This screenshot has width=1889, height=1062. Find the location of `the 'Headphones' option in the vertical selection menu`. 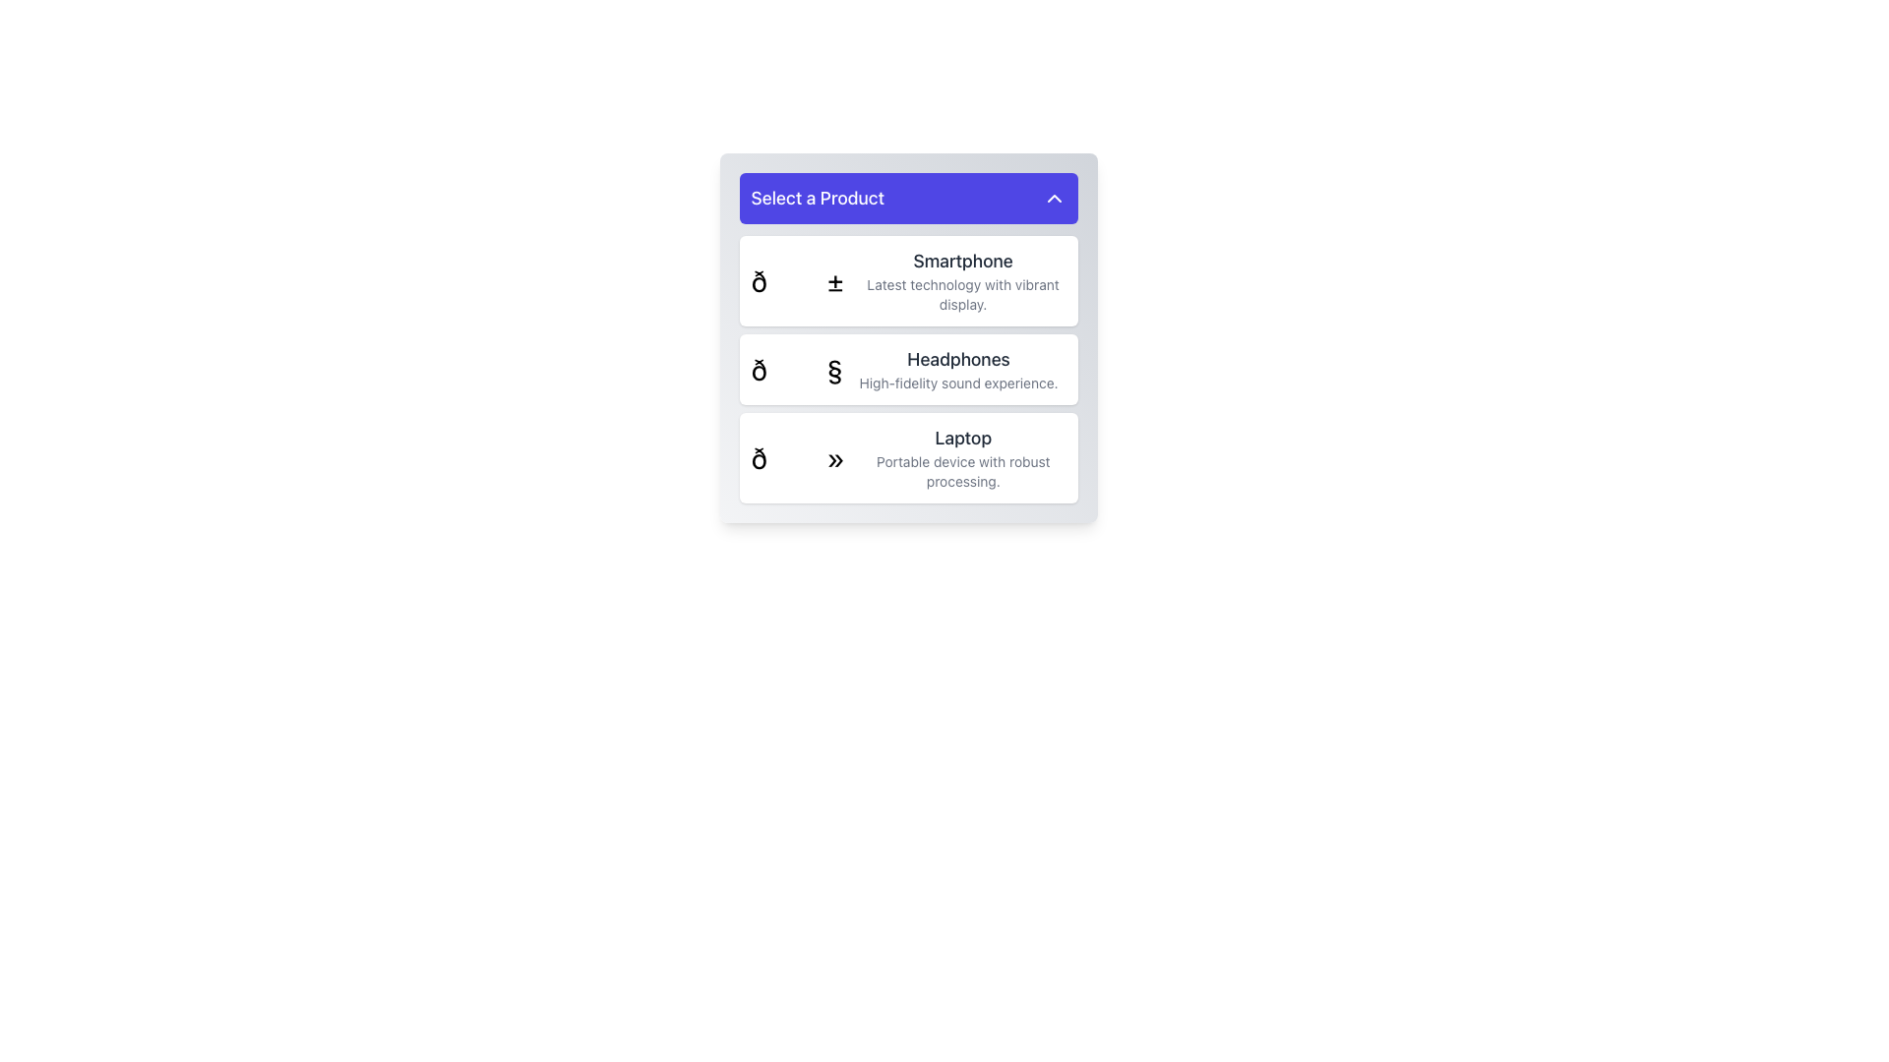

the 'Headphones' option in the vertical selection menu is located at coordinates (907, 369).